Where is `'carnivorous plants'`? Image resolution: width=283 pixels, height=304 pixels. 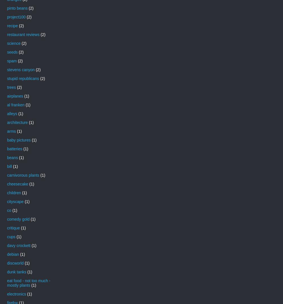 'carnivorous plants' is located at coordinates (7, 175).